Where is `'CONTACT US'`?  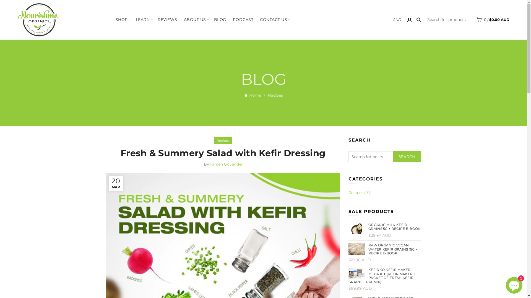 'CONTACT US' is located at coordinates (273, 19).